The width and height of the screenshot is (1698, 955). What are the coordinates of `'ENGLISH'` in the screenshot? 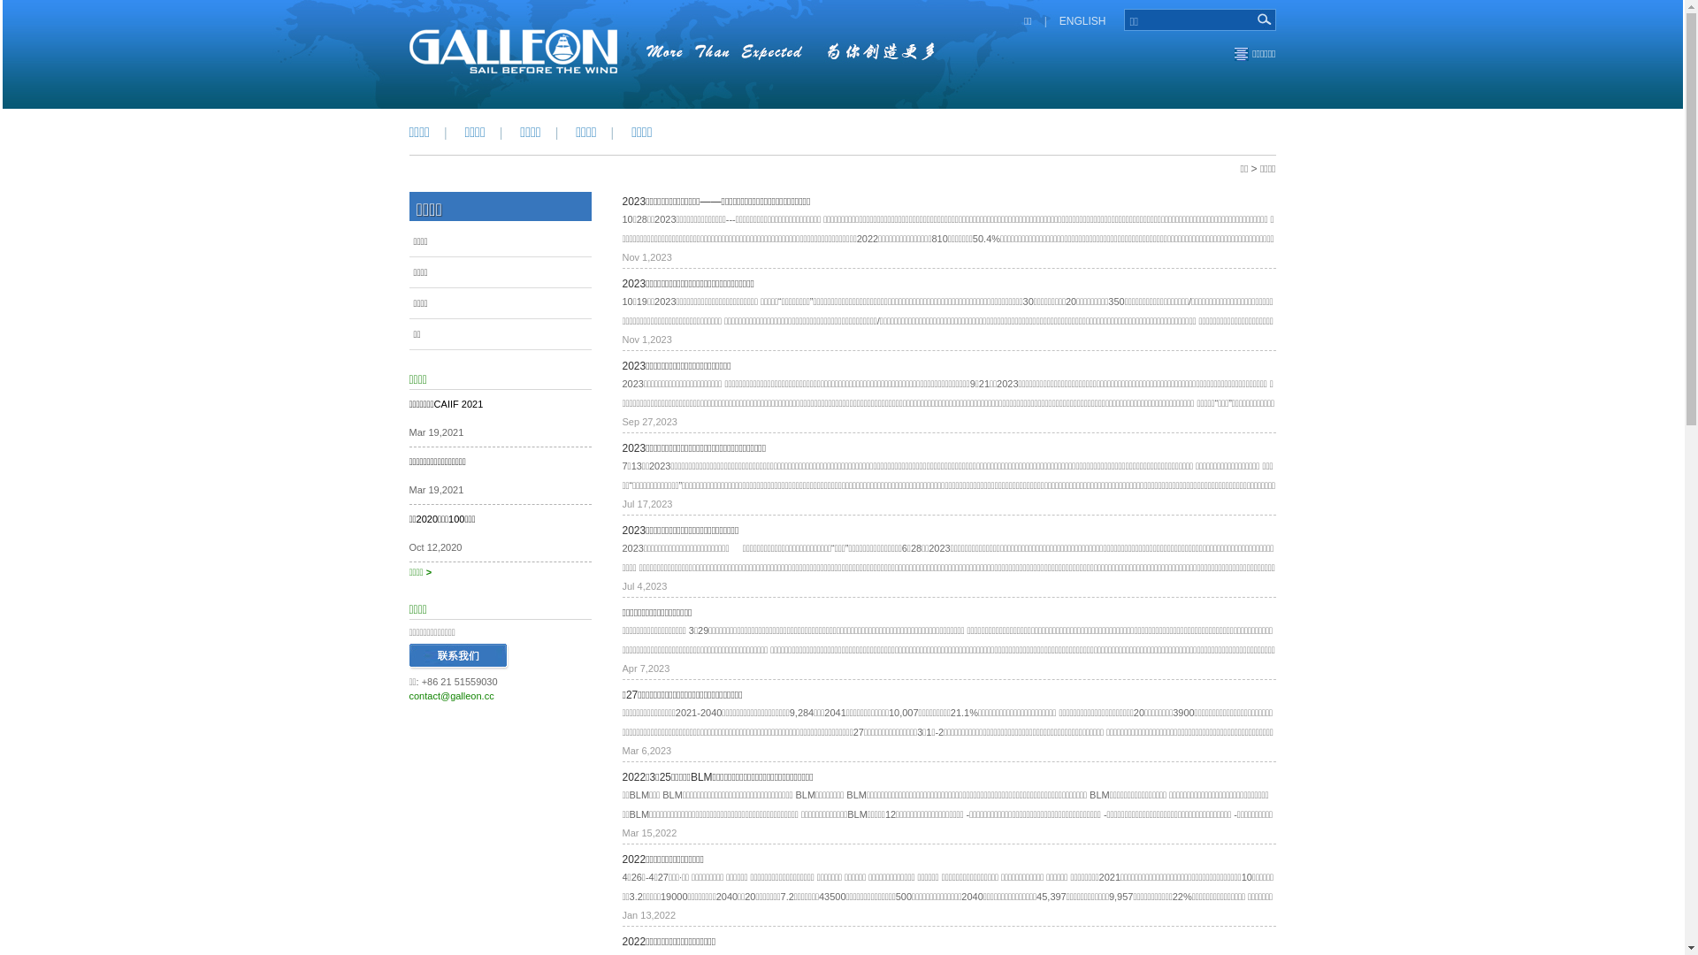 It's located at (1059, 20).